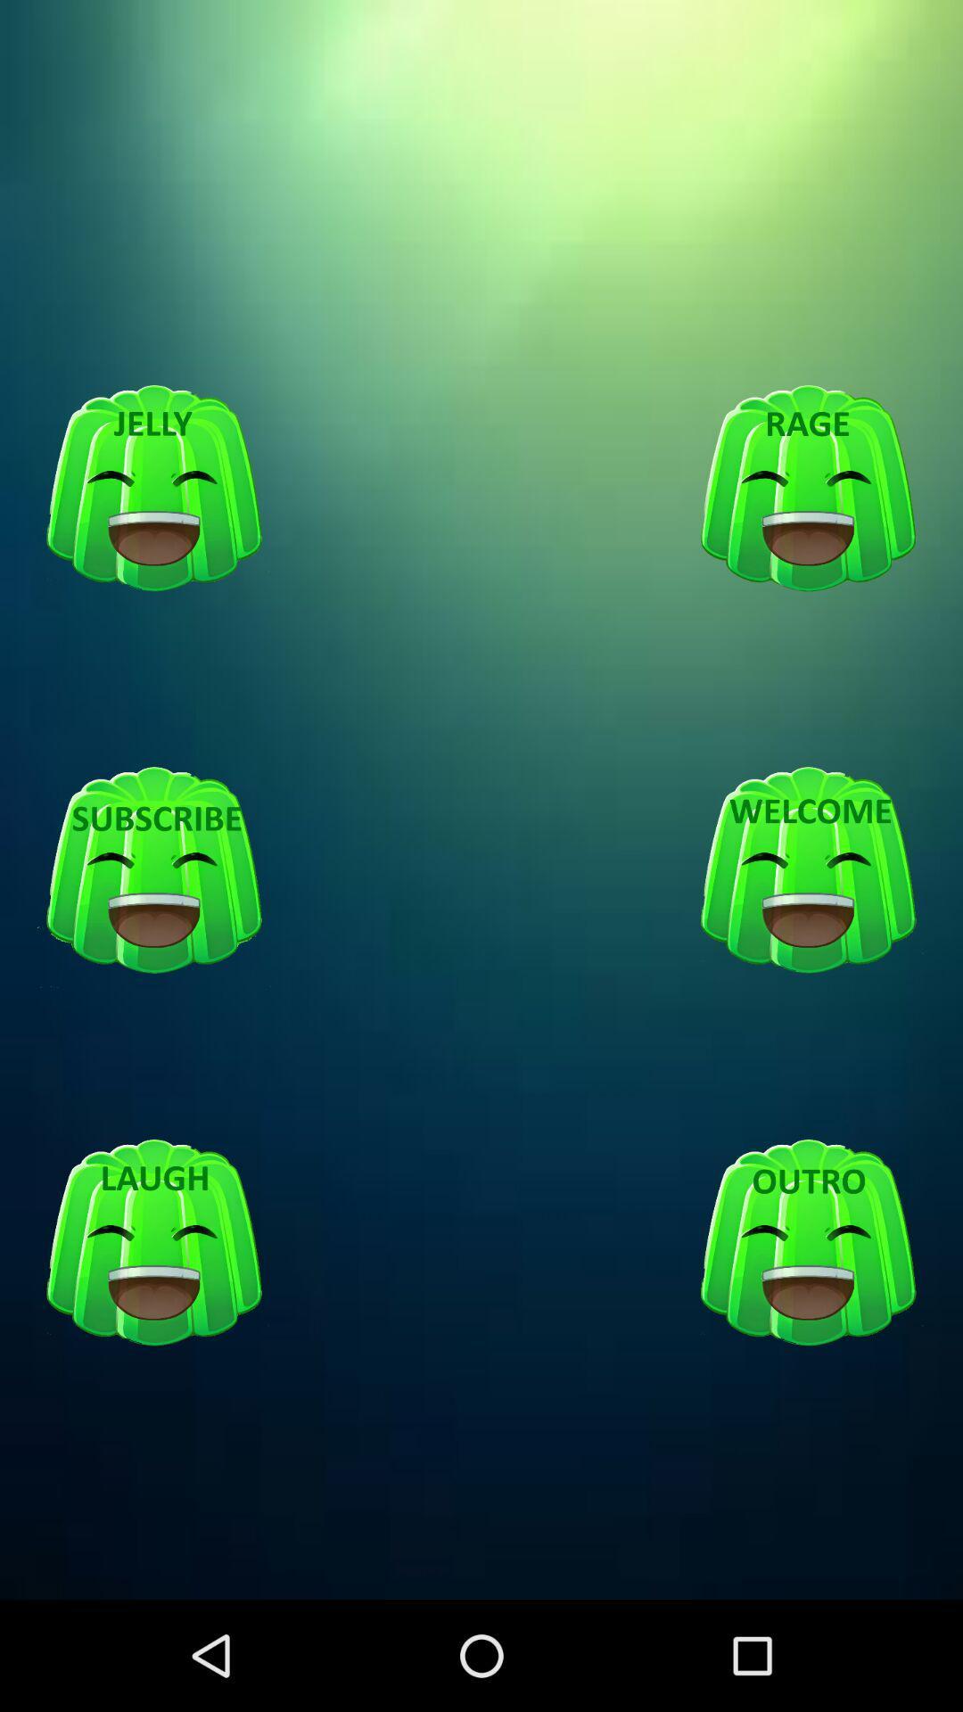 The width and height of the screenshot is (963, 1712). Describe the element at coordinates (808, 871) in the screenshot. I see `home page` at that location.